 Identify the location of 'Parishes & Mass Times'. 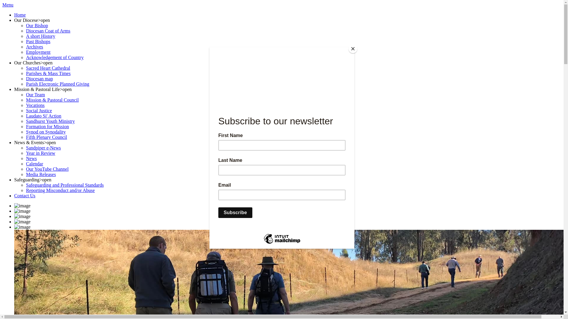
(48, 73).